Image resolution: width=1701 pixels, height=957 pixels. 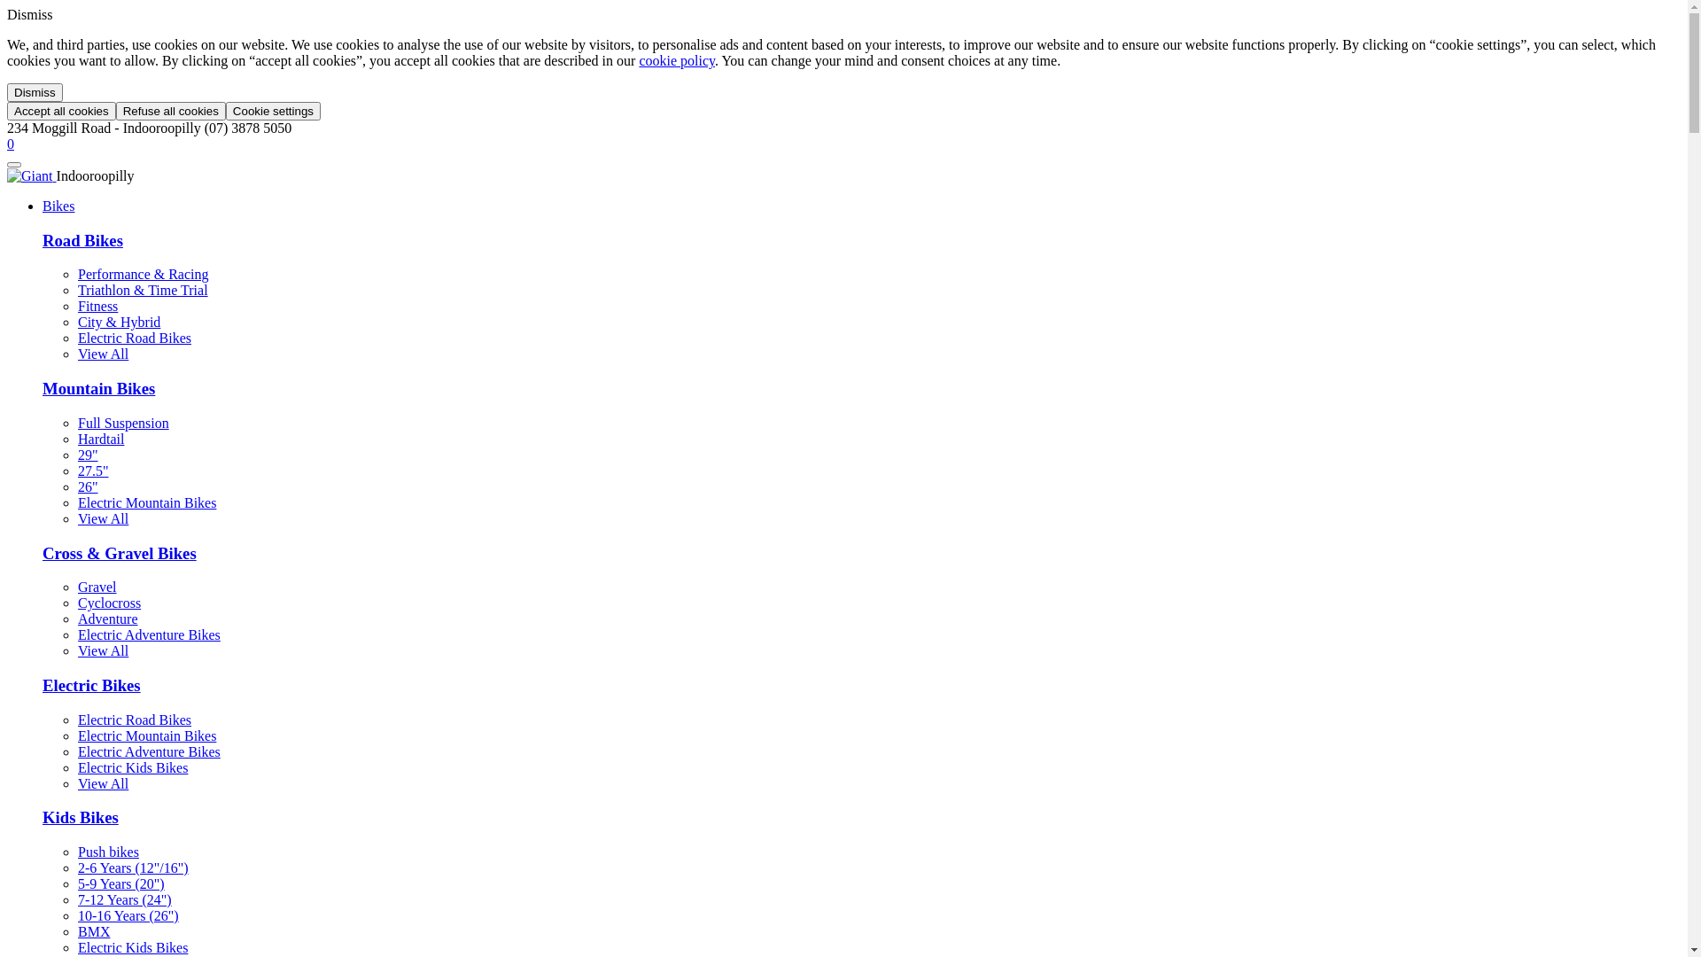 I want to click on 'Cookie settings', so click(x=272, y=111).